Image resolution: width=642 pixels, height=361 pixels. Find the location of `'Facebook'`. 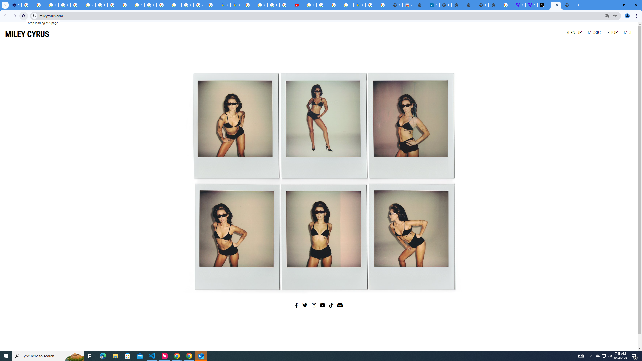

'Facebook' is located at coordinates (296, 305).